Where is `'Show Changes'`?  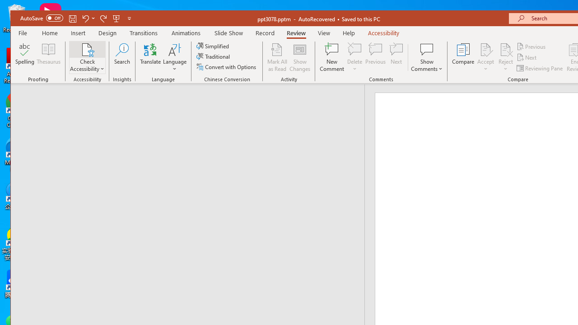 'Show Changes' is located at coordinates (300, 57).